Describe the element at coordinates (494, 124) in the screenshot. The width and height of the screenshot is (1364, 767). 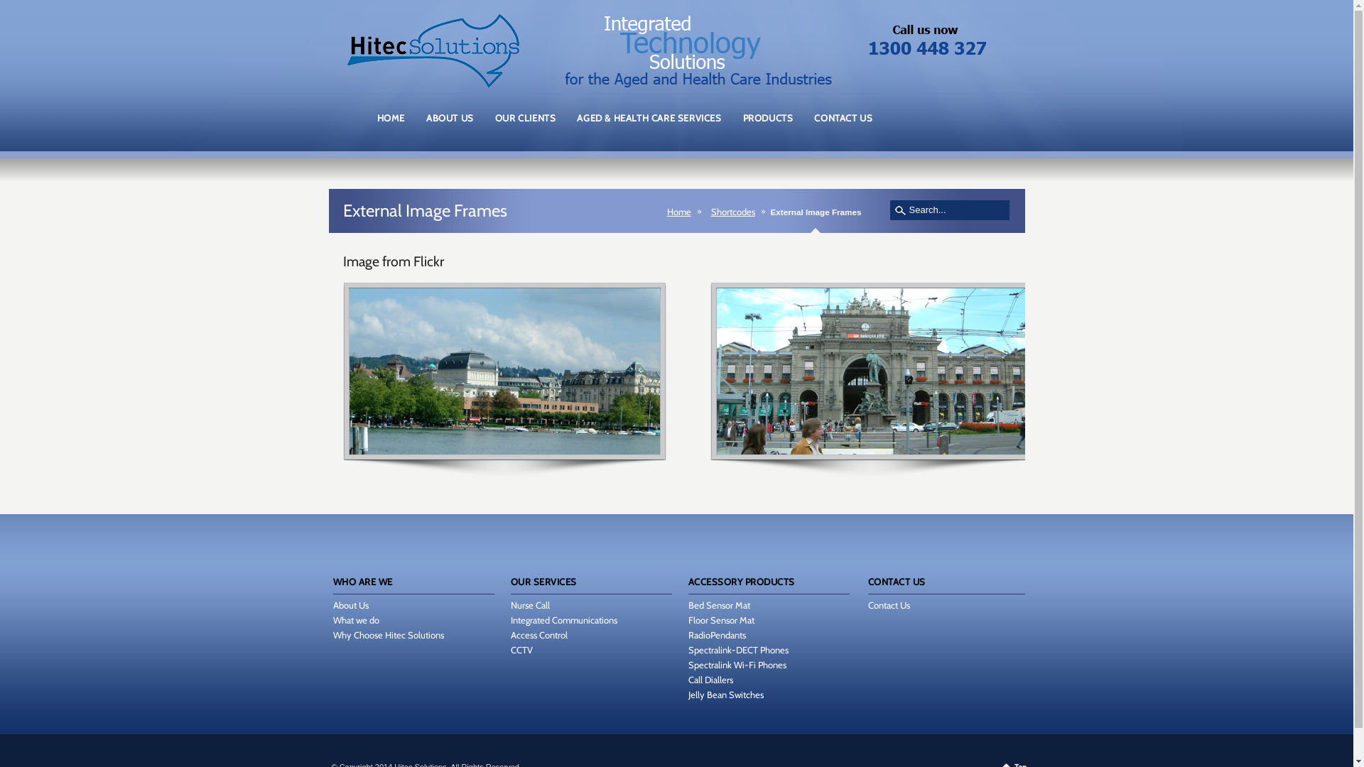
I see `'OUR CLIENTS'` at that location.